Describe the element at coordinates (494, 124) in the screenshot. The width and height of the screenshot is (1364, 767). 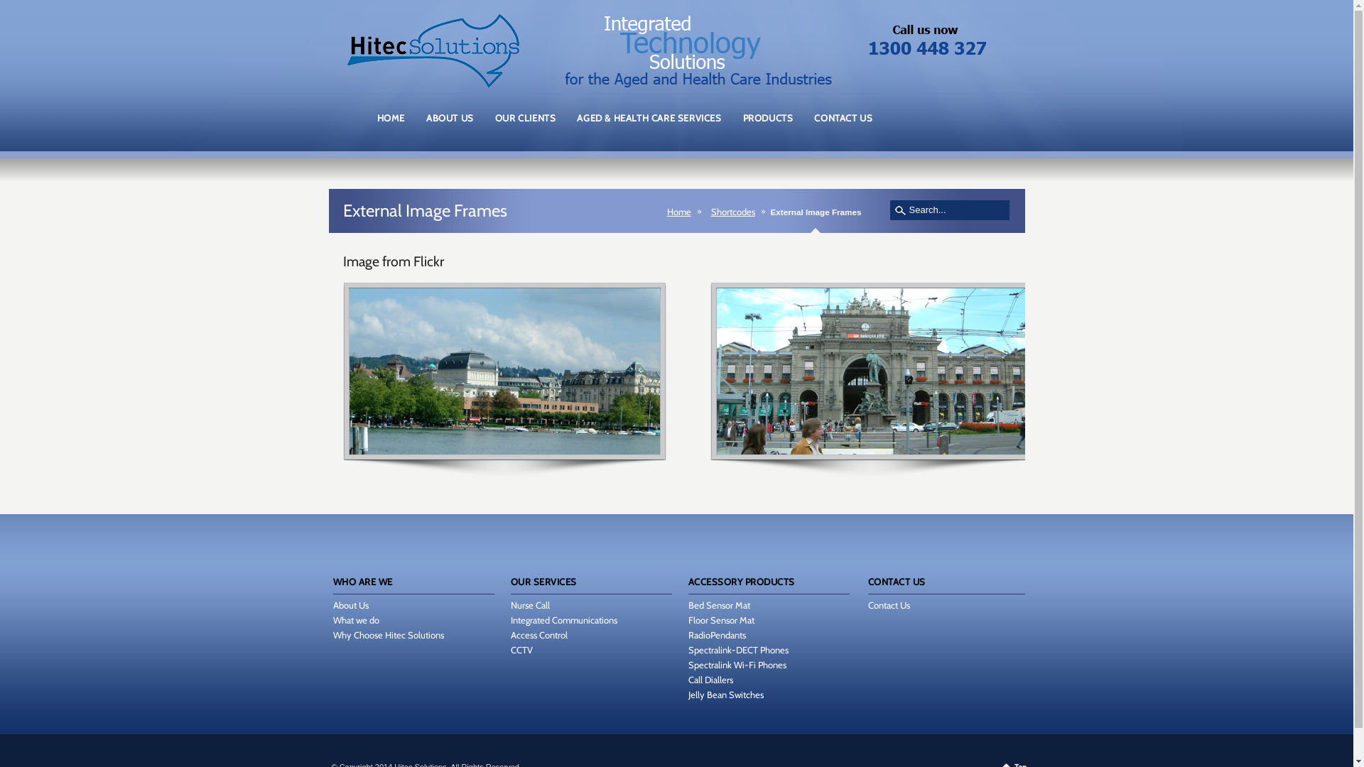
I see `'OUR CLIENTS'` at that location.